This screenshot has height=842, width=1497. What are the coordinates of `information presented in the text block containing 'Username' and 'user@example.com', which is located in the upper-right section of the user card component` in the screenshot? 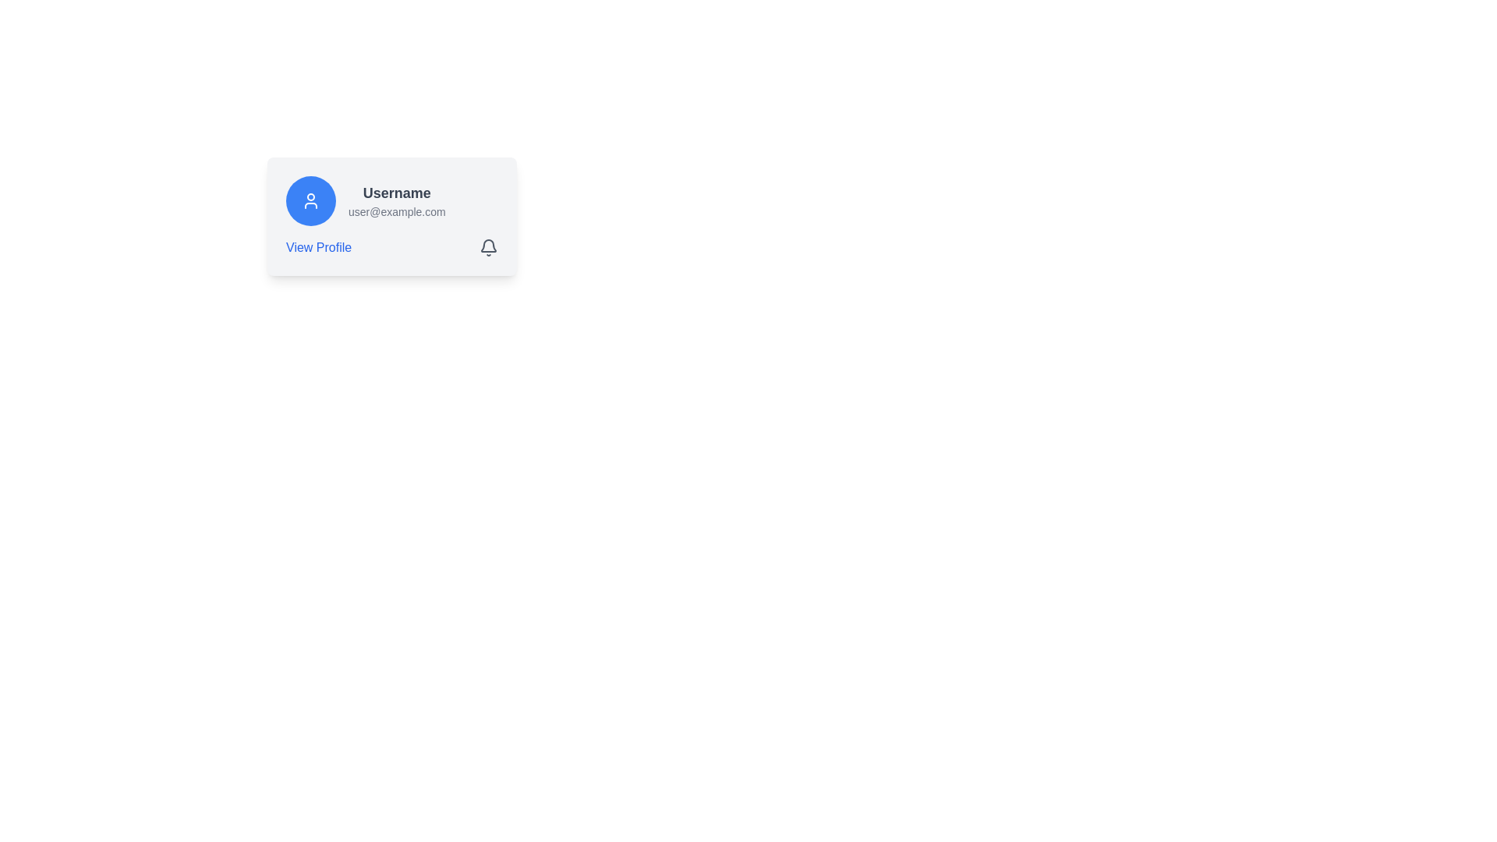 It's located at (397, 200).